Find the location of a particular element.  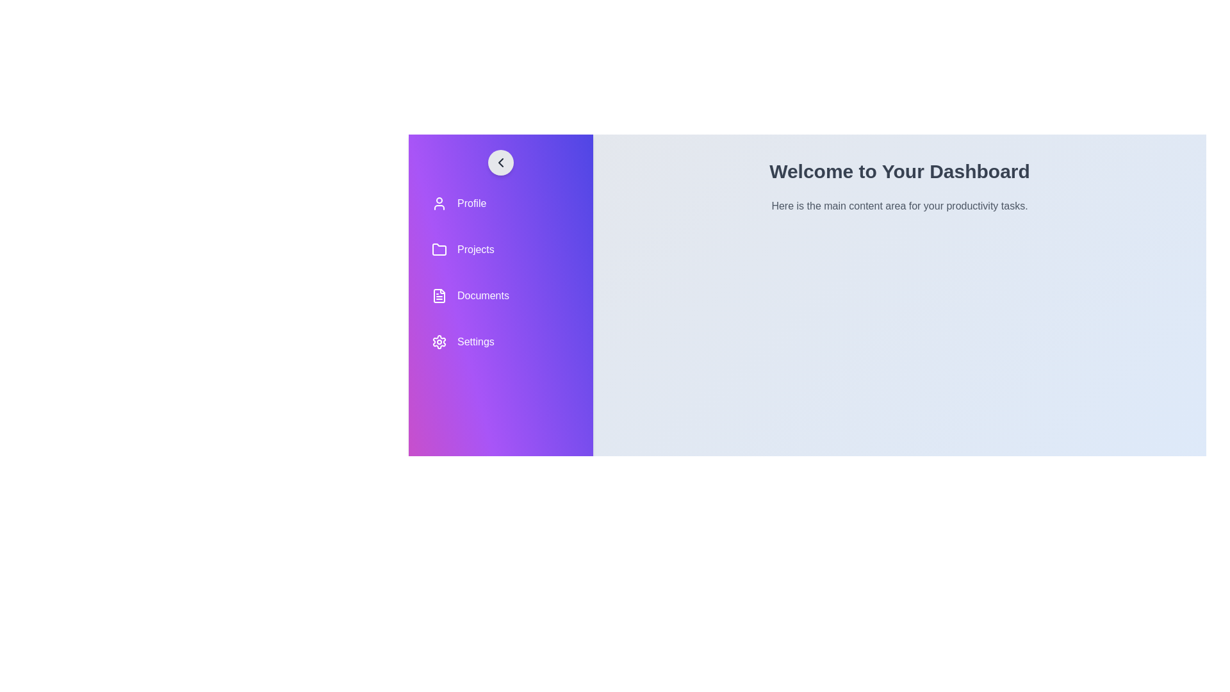

the navigation item labeled Settings is located at coordinates (500, 341).